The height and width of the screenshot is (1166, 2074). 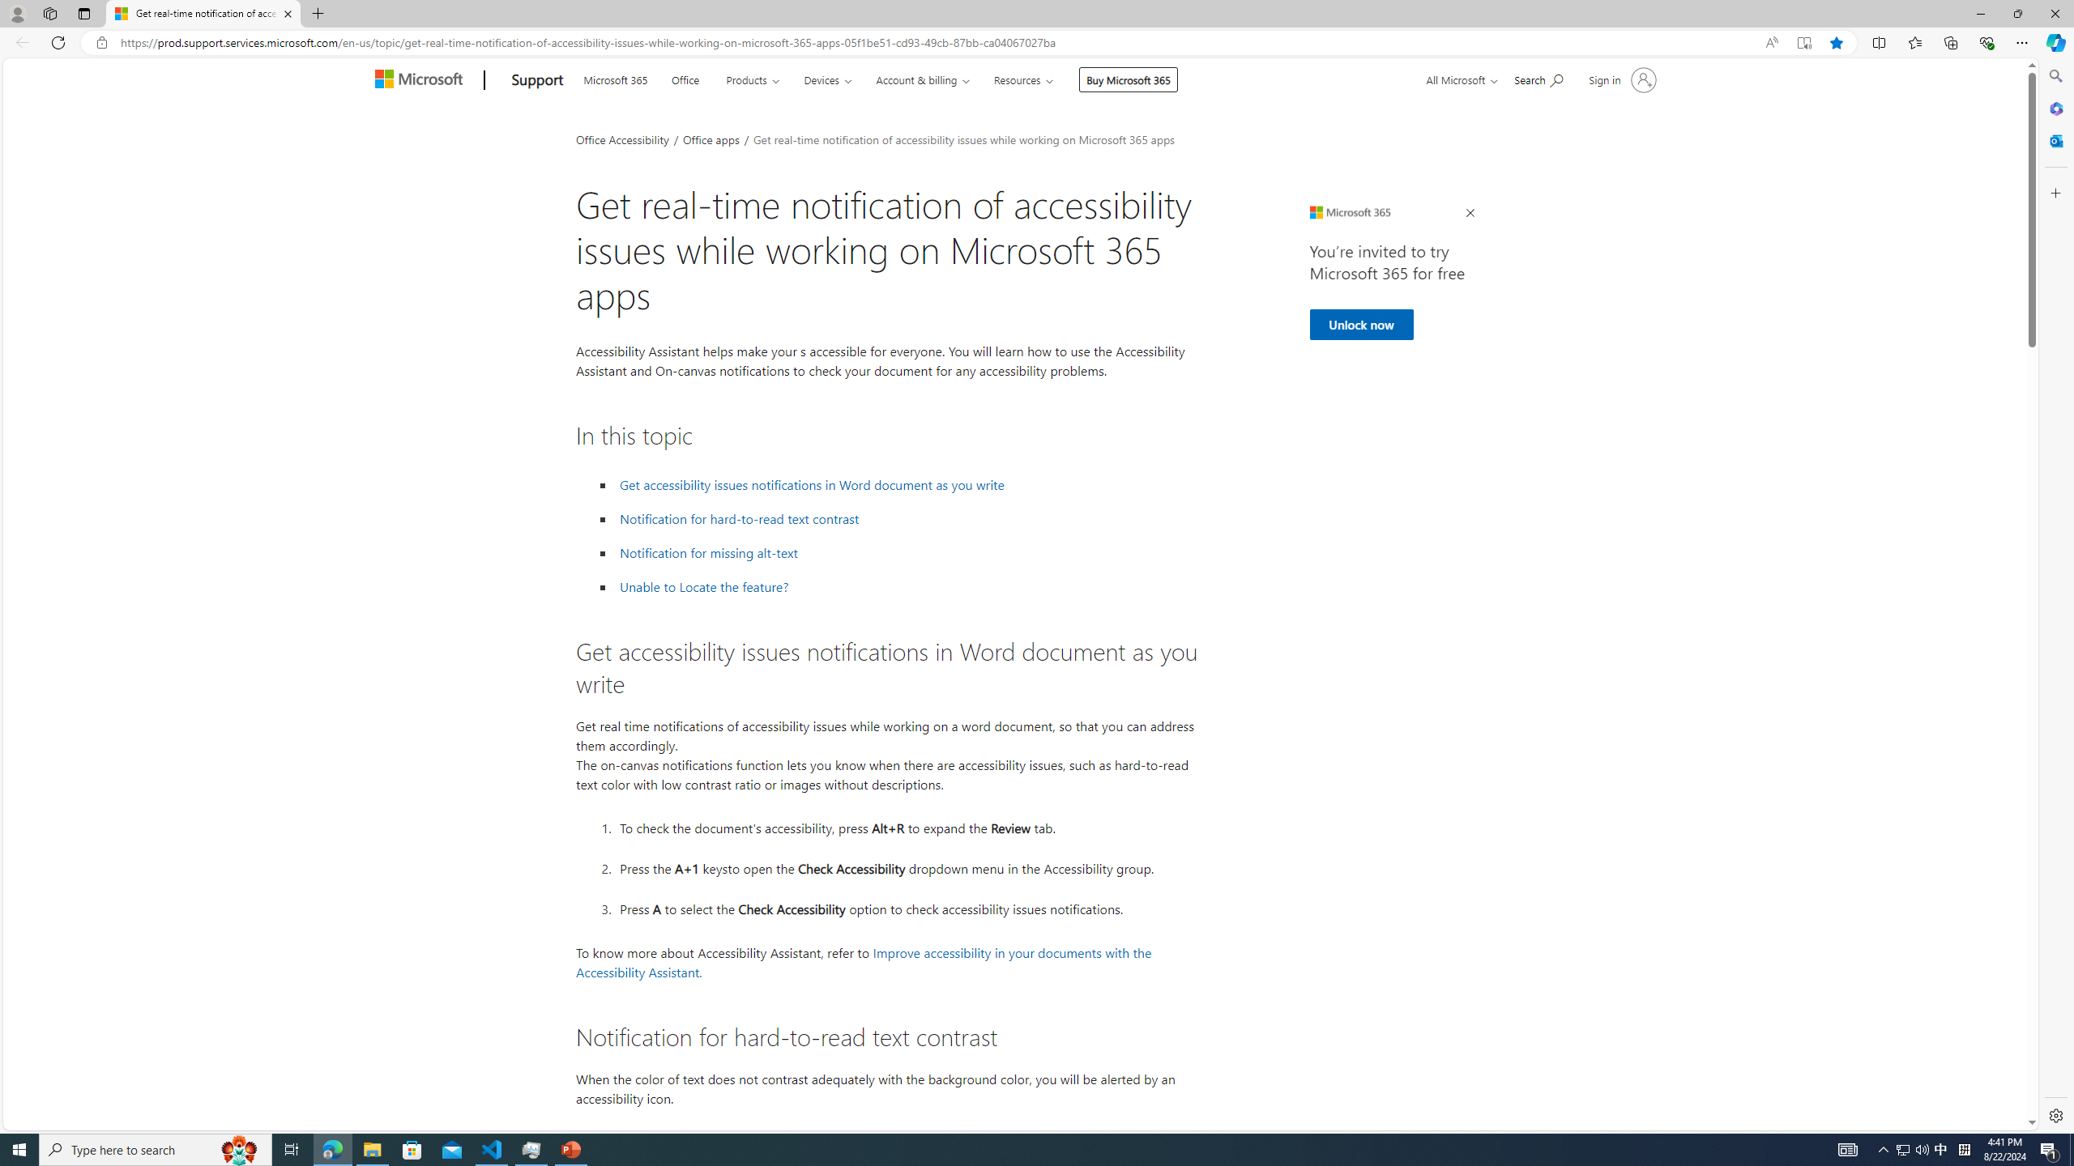 What do you see at coordinates (1836, 43) in the screenshot?
I see `'Add this page to favorites (Ctrl+D)'` at bounding box center [1836, 43].